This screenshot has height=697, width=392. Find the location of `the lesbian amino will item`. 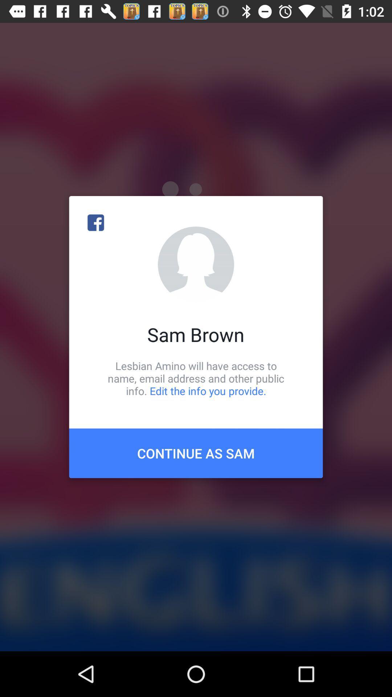

the lesbian amino will item is located at coordinates (196, 378).